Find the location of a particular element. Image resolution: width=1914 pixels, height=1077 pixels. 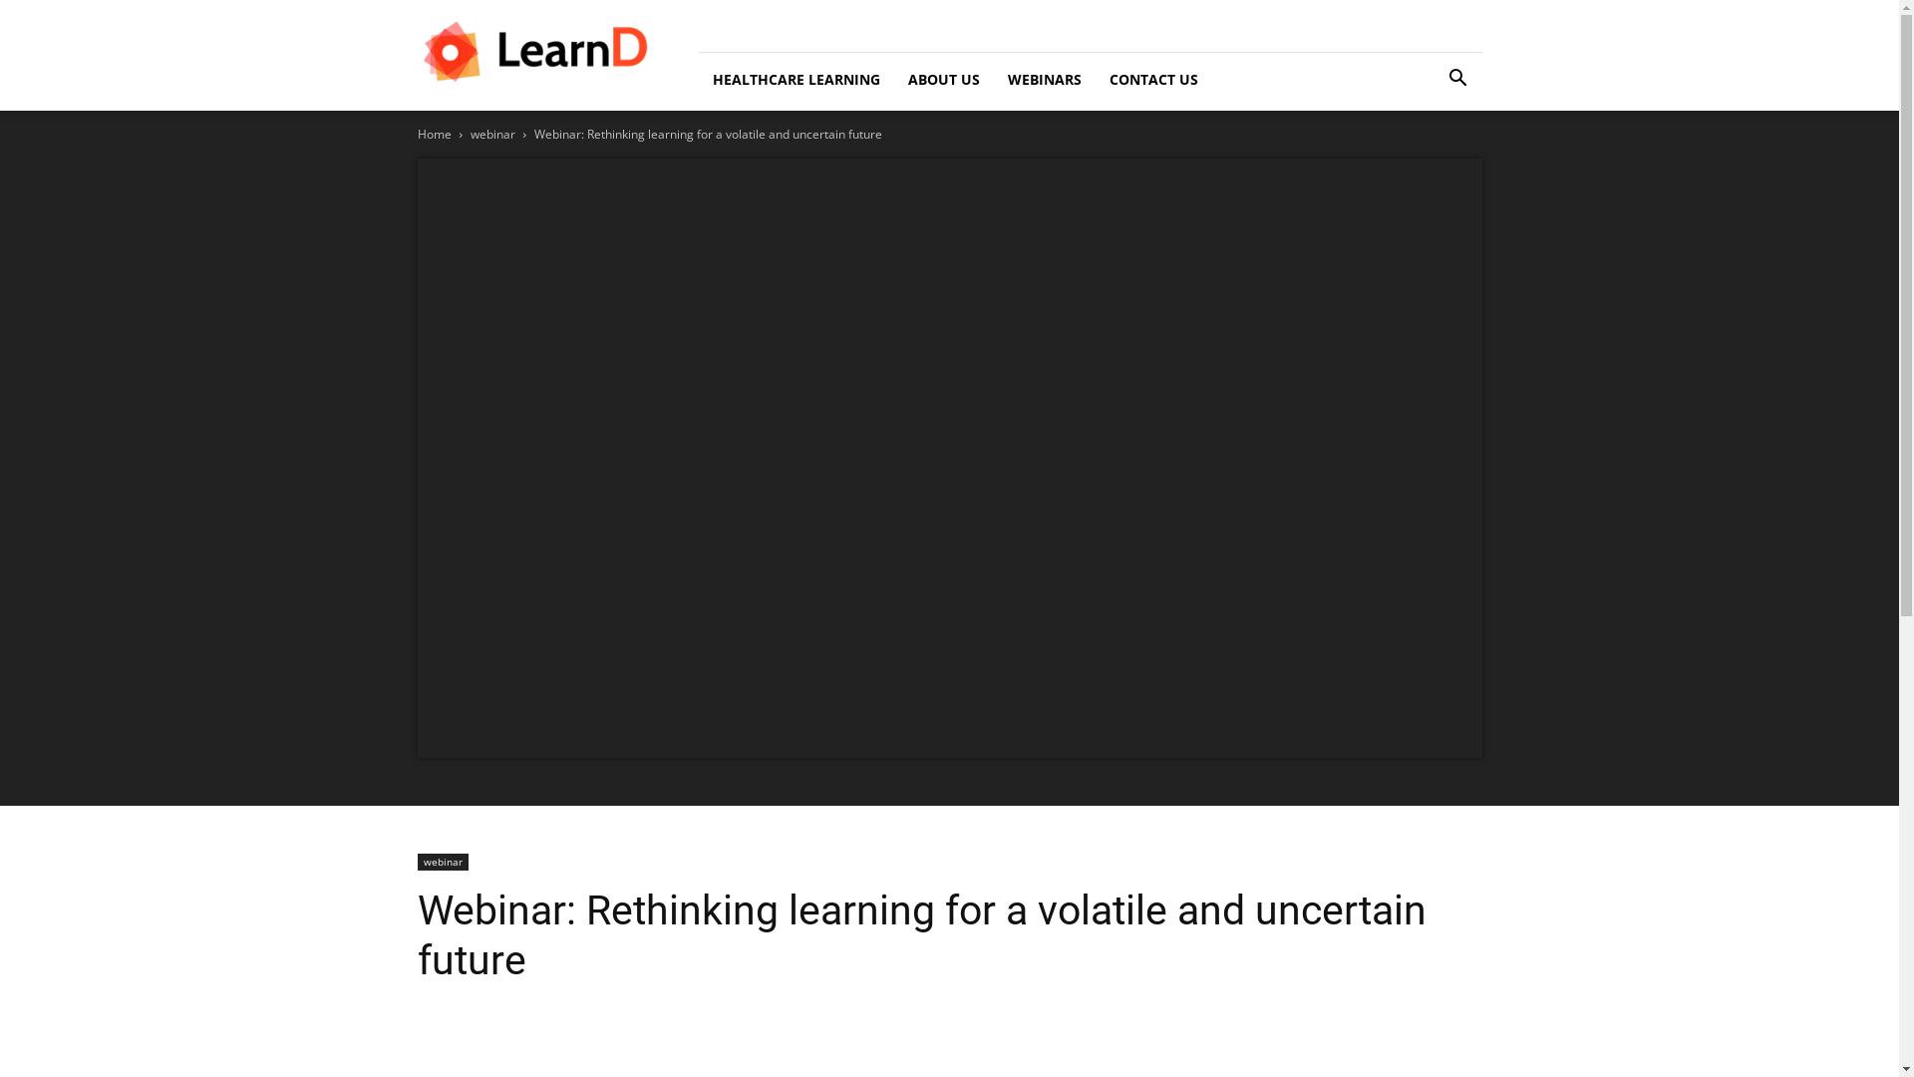

'WEBINARS' is located at coordinates (1042, 78).